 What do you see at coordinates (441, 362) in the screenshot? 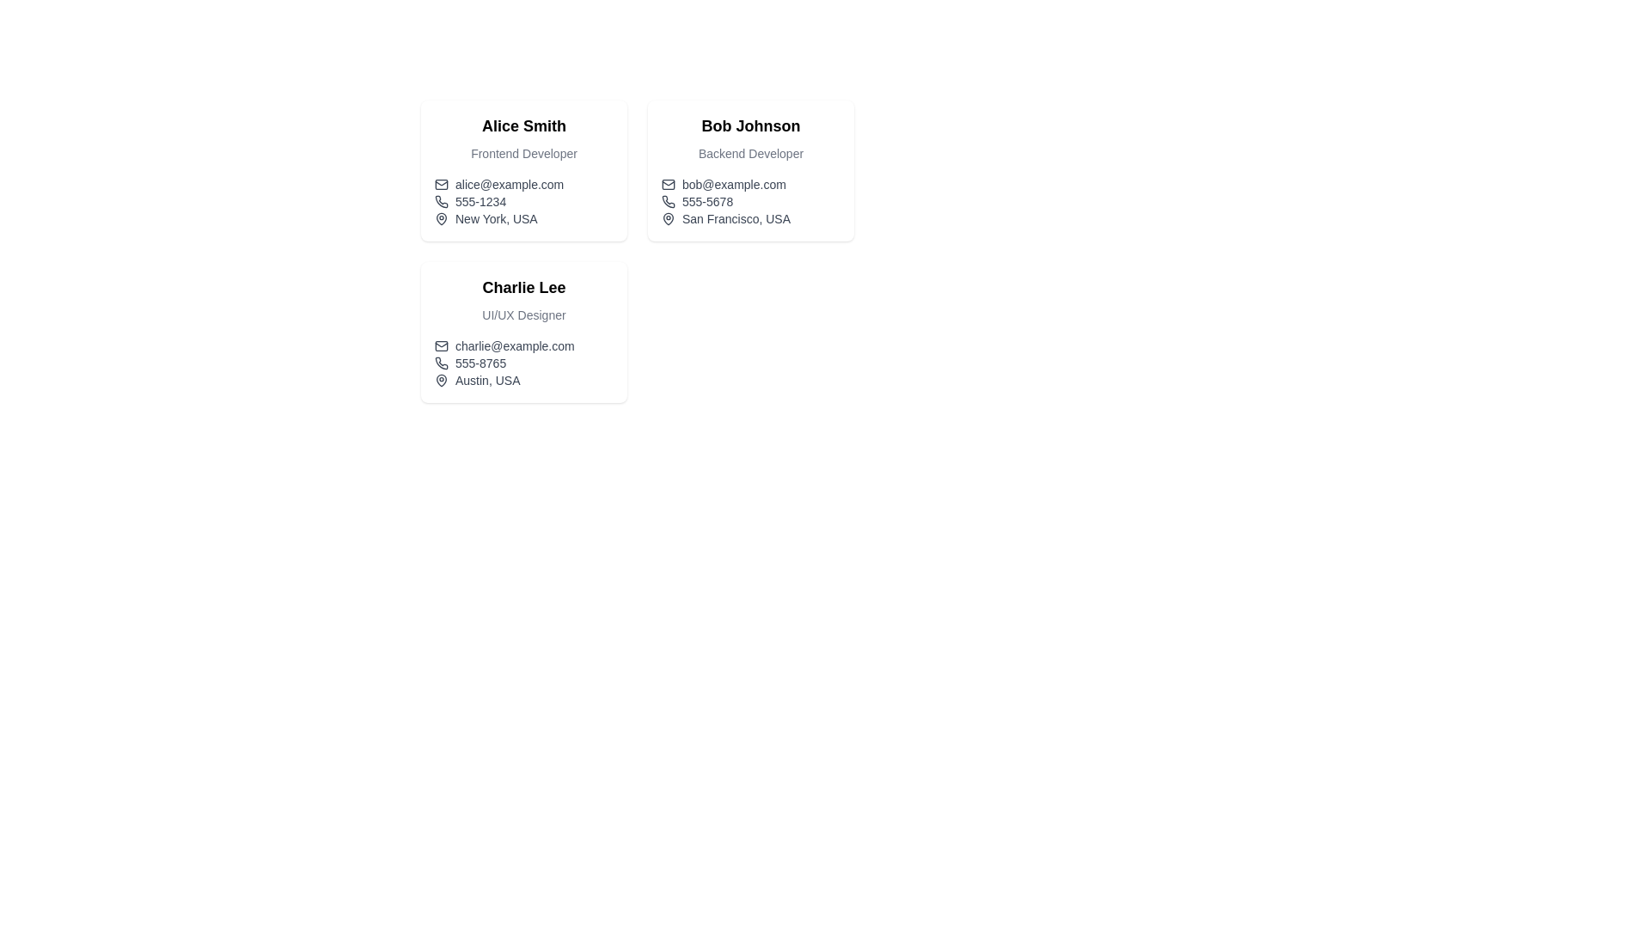
I see `the phone icon located at the bottom right of Charlie Lee's contact card, which visually represents a phone and is positioned beside the phone number` at bounding box center [441, 362].